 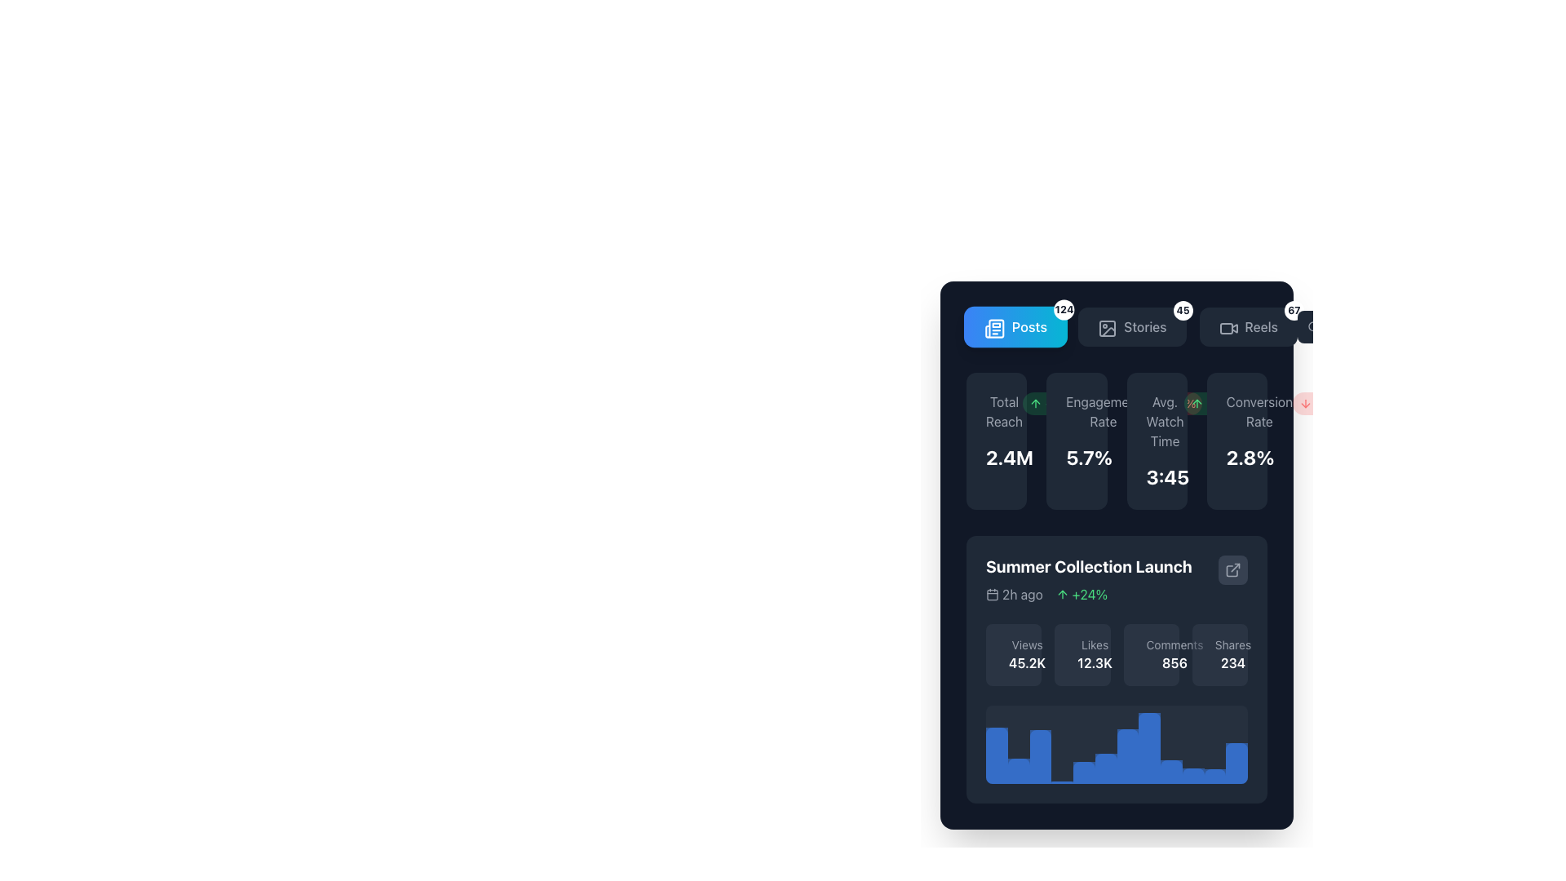 What do you see at coordinates (1106, 768) in the screenshot?
I see `the sixth vertical bar in the bar chart, which is part of the 'Summer Collection Launch' card and is represented by a blue rectangle with rounded top edges` at bounding box center [1106, 768].